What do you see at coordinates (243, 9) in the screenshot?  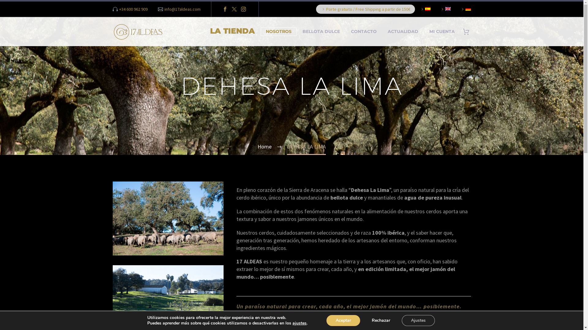 I see `'Instagram'` at bounding box center [243, 9].